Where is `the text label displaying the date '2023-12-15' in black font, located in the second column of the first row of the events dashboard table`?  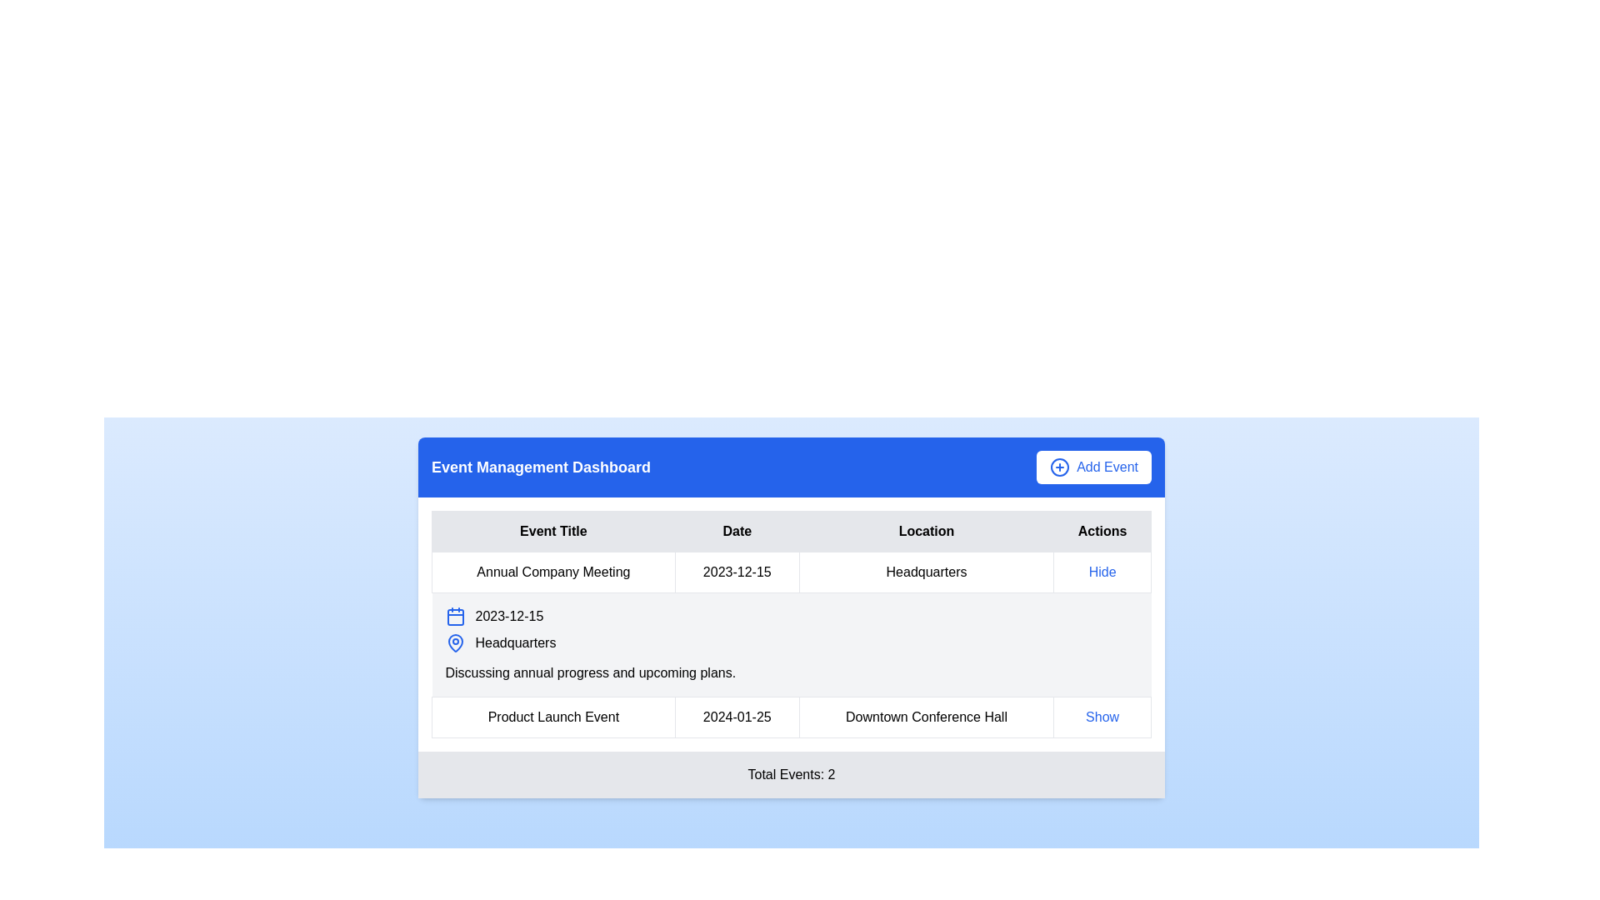
the text label displaying the date '2023-12-15' in black font, located in the second column of the first row of the events dashboard table is located at coordinates (508, 617).